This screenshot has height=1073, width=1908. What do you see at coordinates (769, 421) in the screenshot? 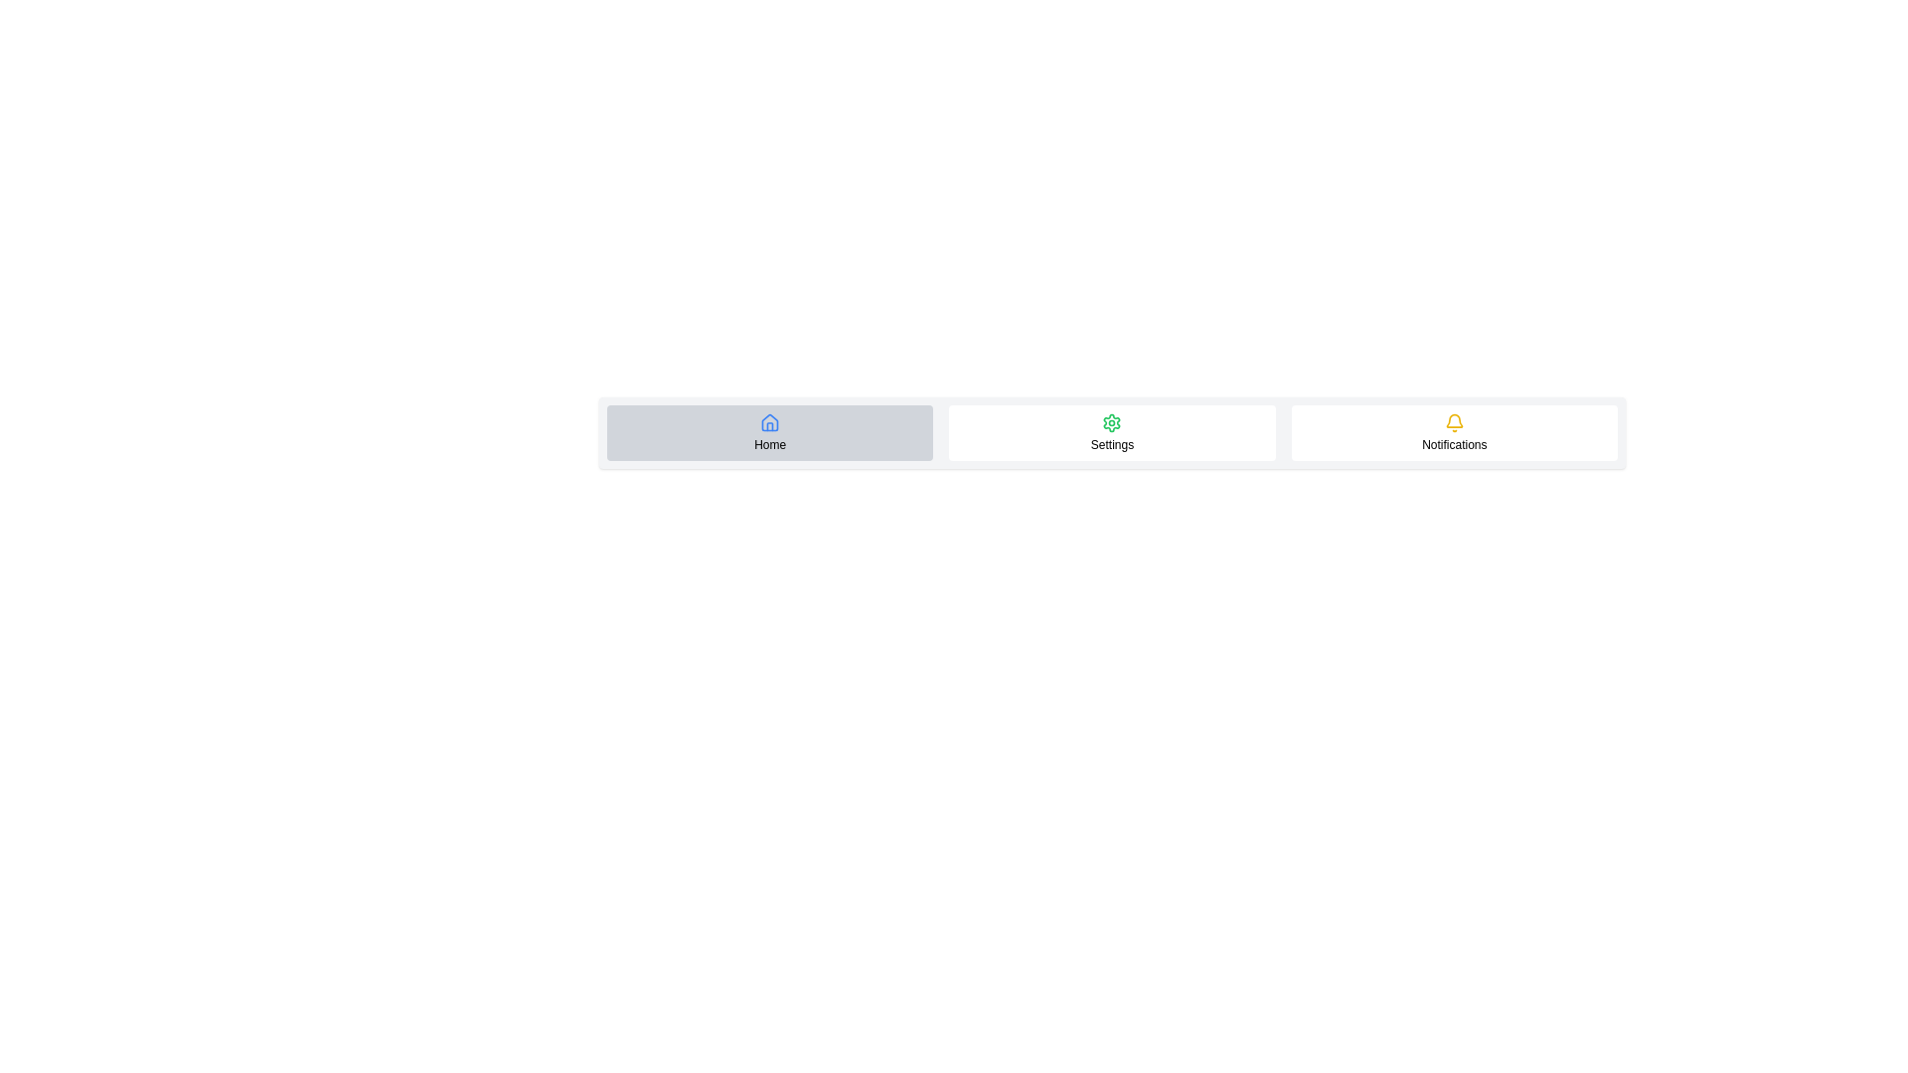
I see `the blue house icon in the navigation menu` at bounding box center [769, 421].